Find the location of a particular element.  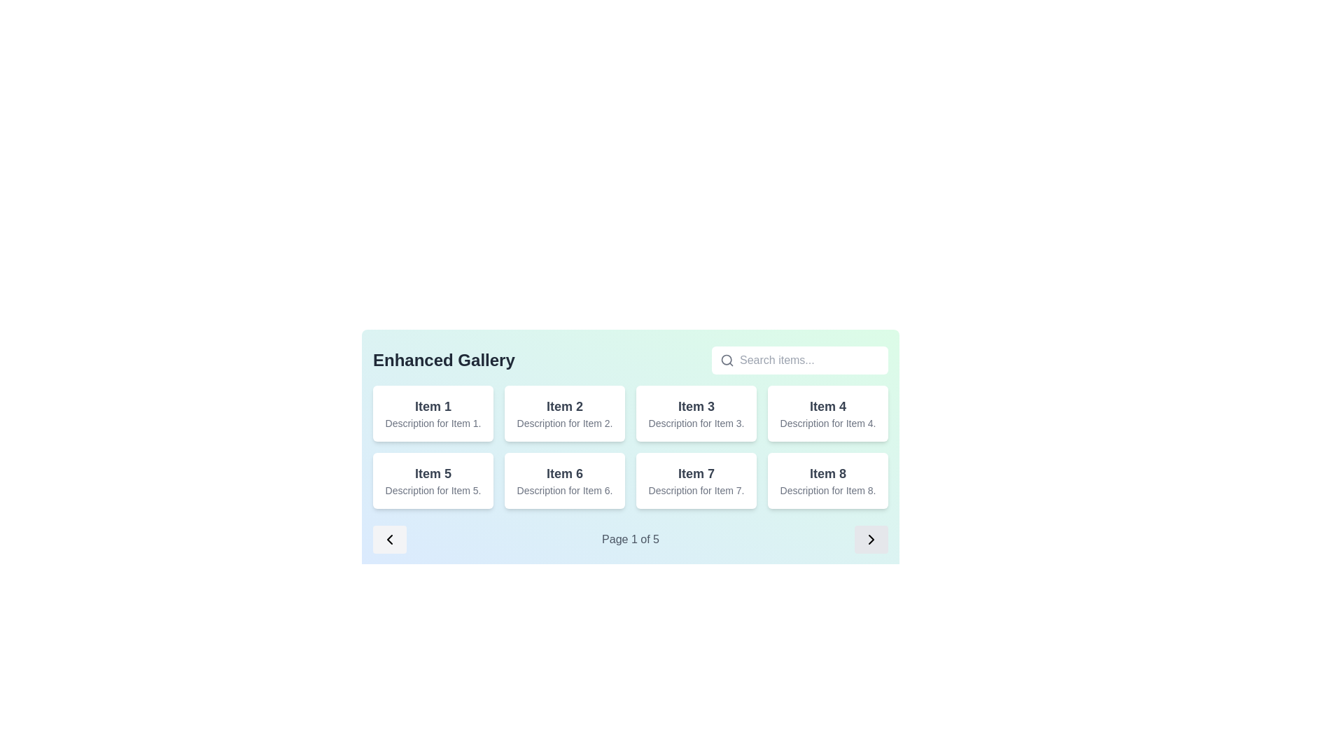

the text label 'Item 6' which is styled with a bold font and dark gray color, located within the sixth card of the grid layout, positioned in the second row and second column is located at coordinates (564, 473).